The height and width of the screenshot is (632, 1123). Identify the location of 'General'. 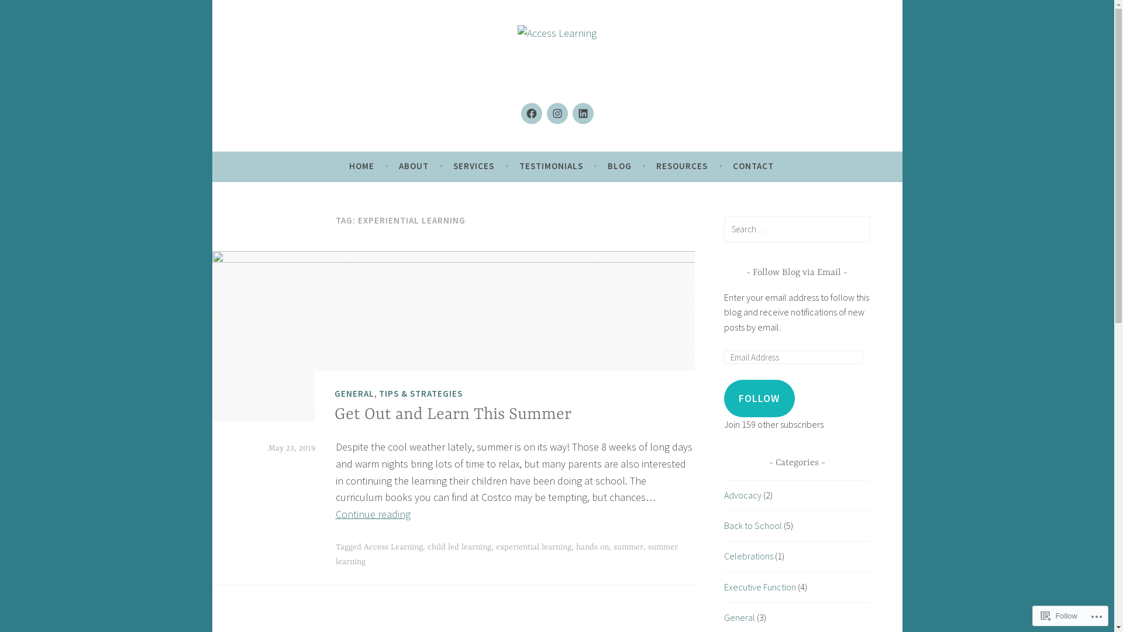
(739, 617).